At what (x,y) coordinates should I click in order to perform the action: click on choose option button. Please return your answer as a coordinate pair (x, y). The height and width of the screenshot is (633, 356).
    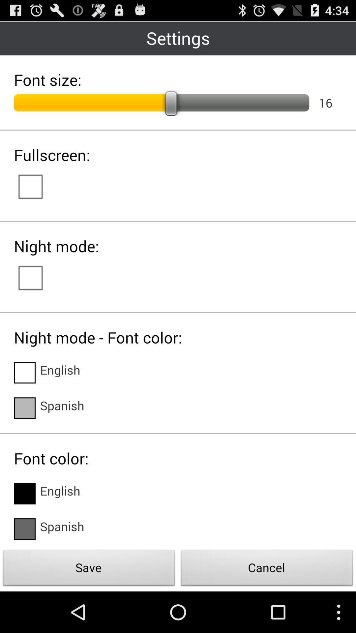
    Looking at the image, I should click on (24, 494).